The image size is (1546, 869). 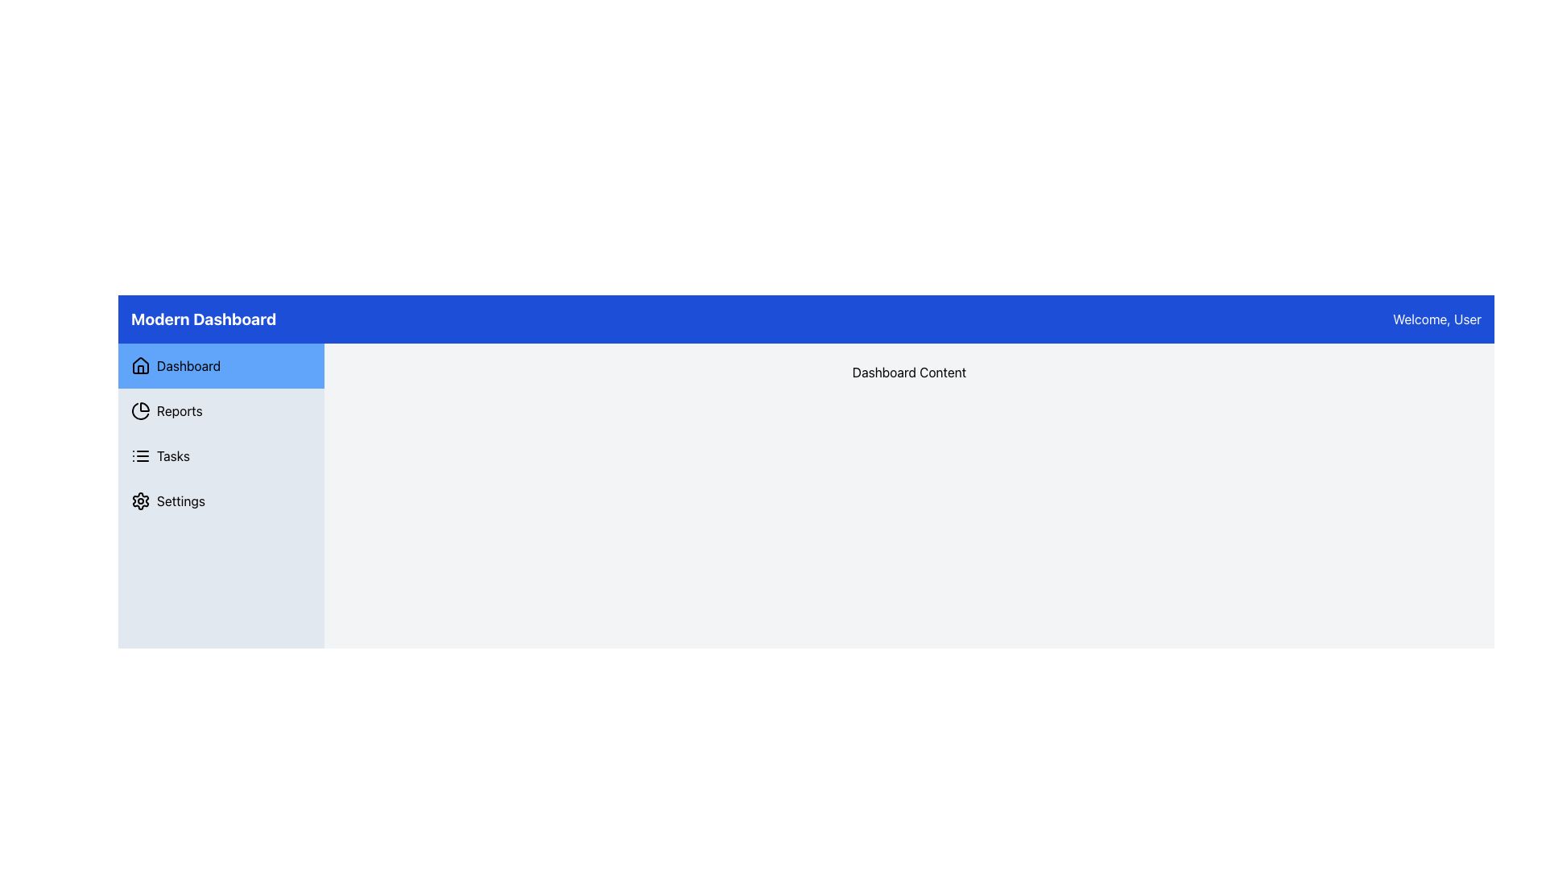 What do you see at coordinates (144, 406) in the screenshot?
I see `the upper convex segment of the pie chart icon within the 'Reports' section of the vertical navigation menu` at bounding box center [144, 406].